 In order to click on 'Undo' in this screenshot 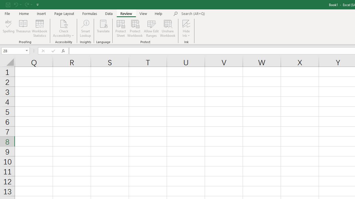, I will do `click(16, 4)`.